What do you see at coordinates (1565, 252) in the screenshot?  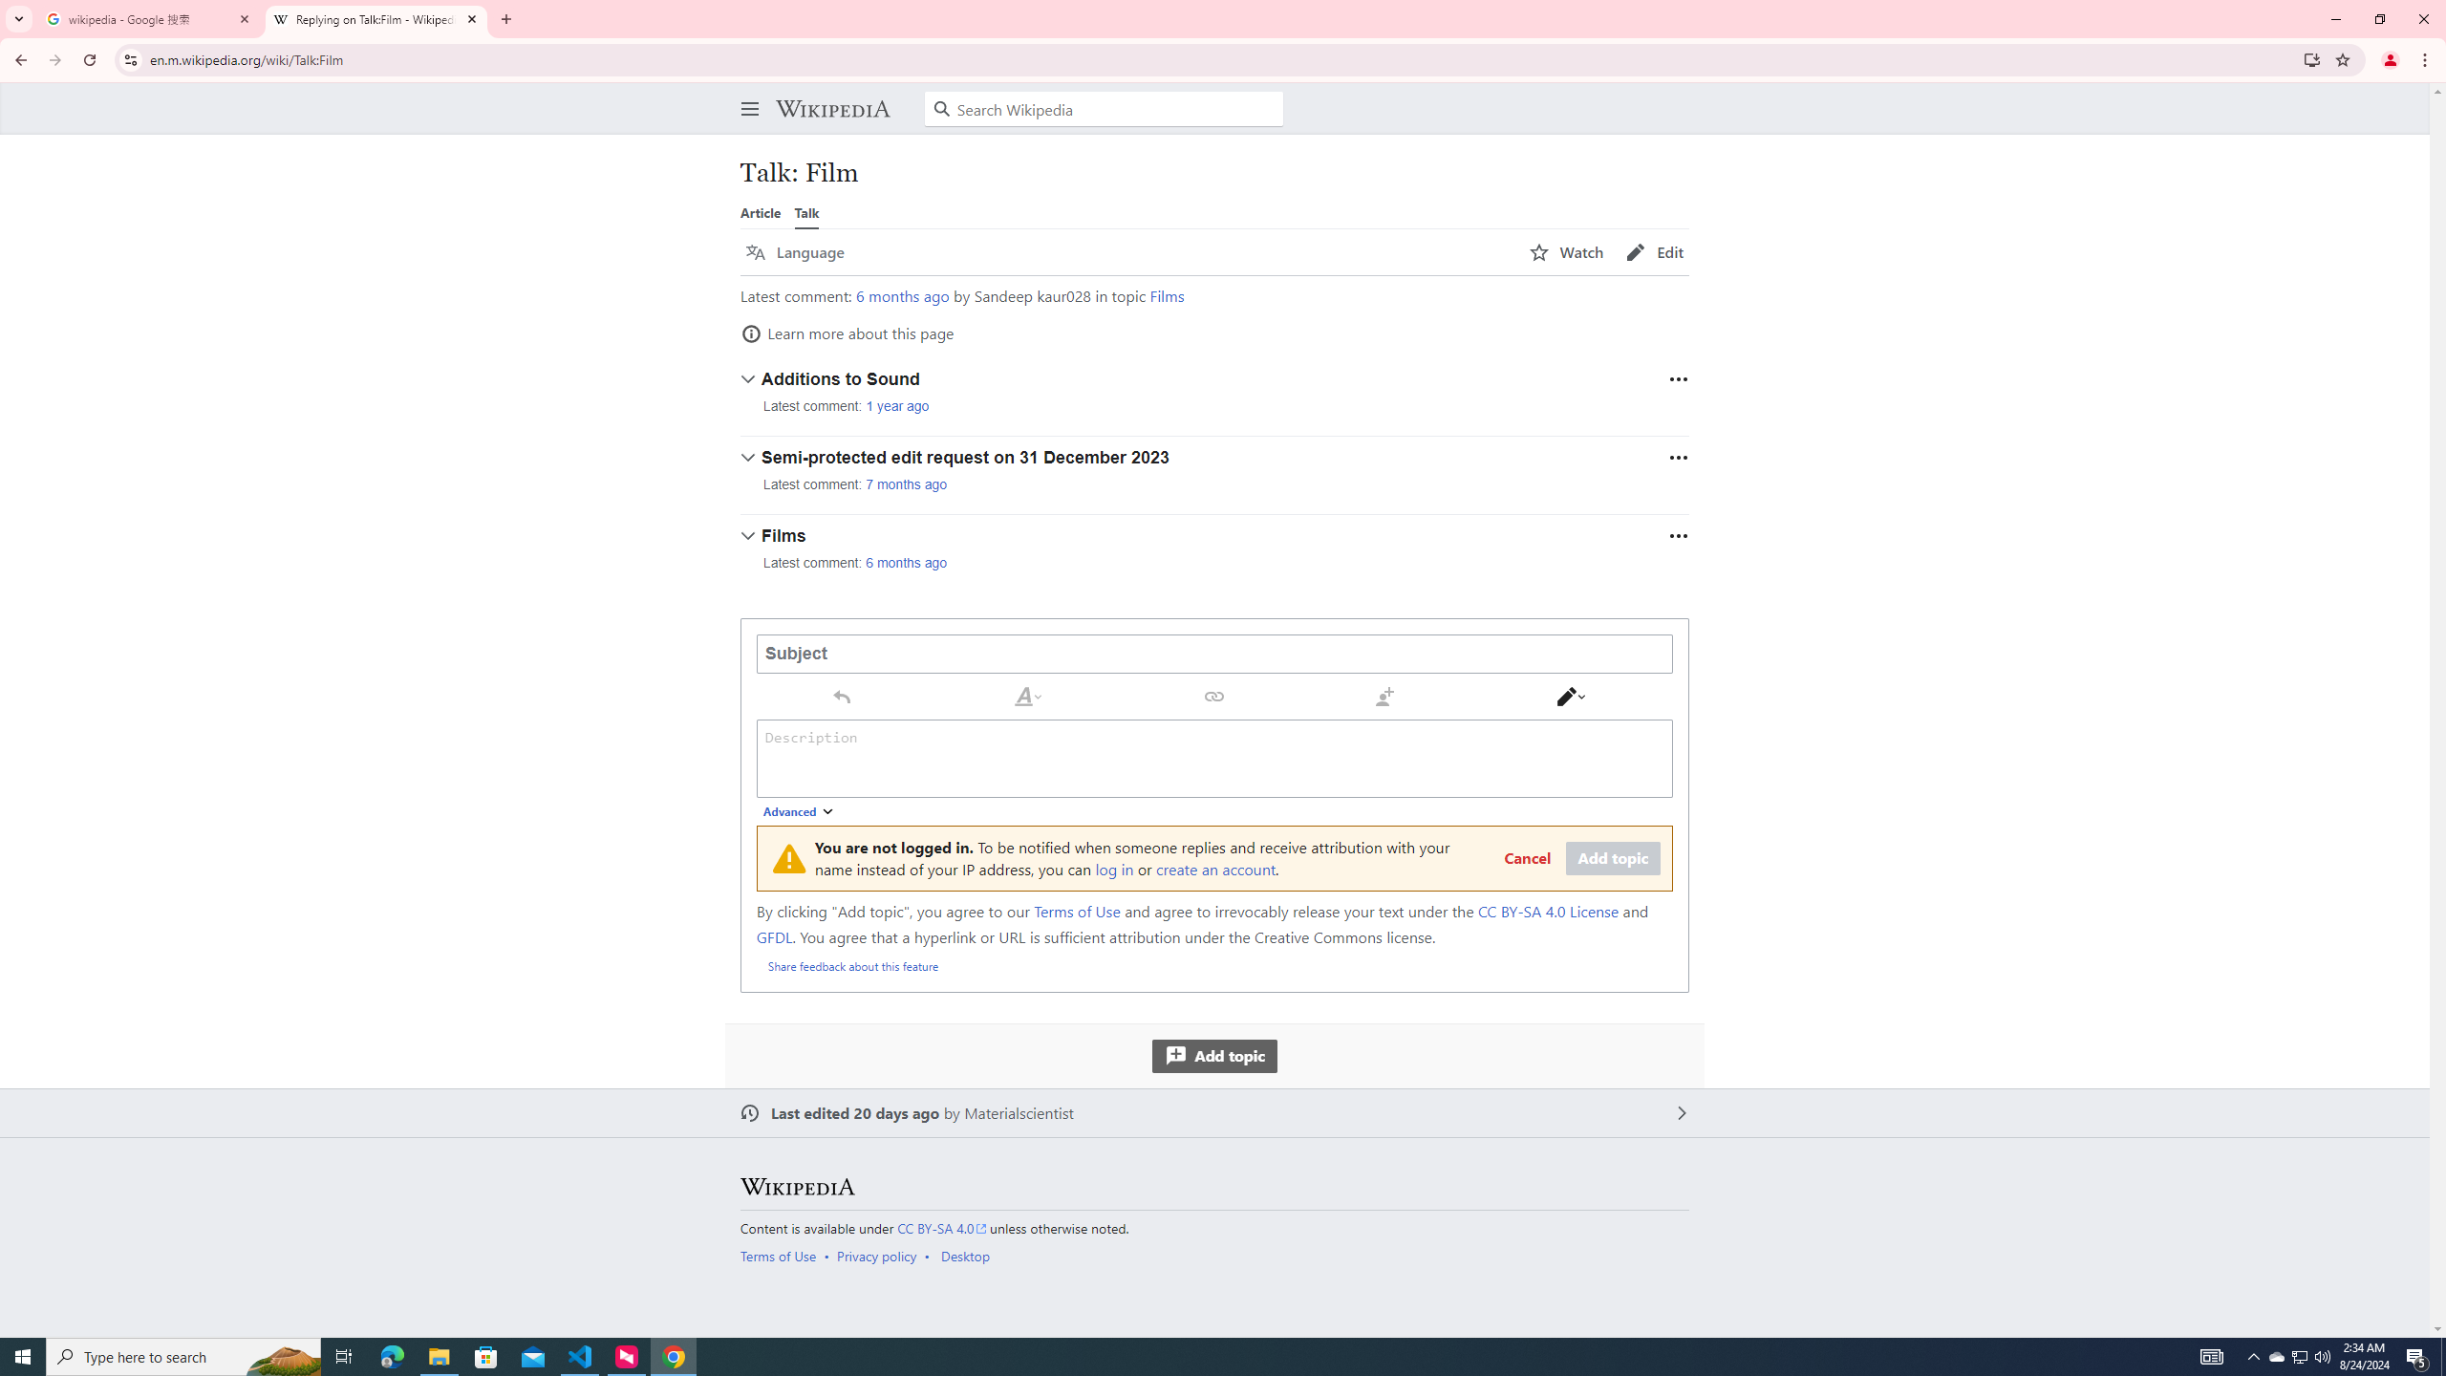 I see `'AutomationID: page-actions-watch'` at bounding box center [1565, 252].